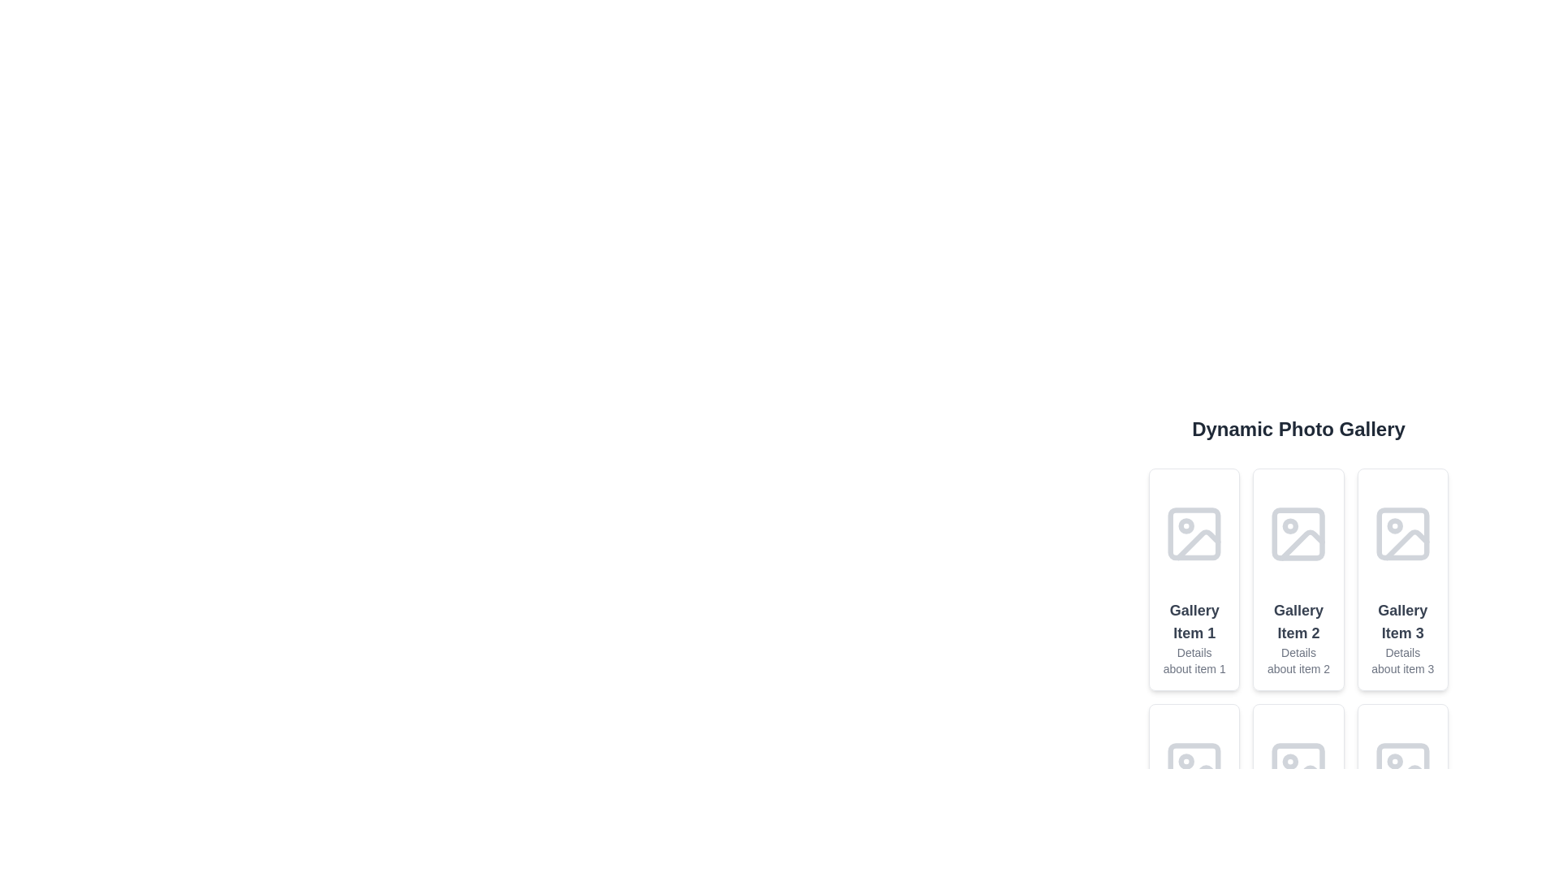  I want to click on the first graphical component within the SVG element of the 'Gallery Item 2' image placeholder, so click(1298, 534).